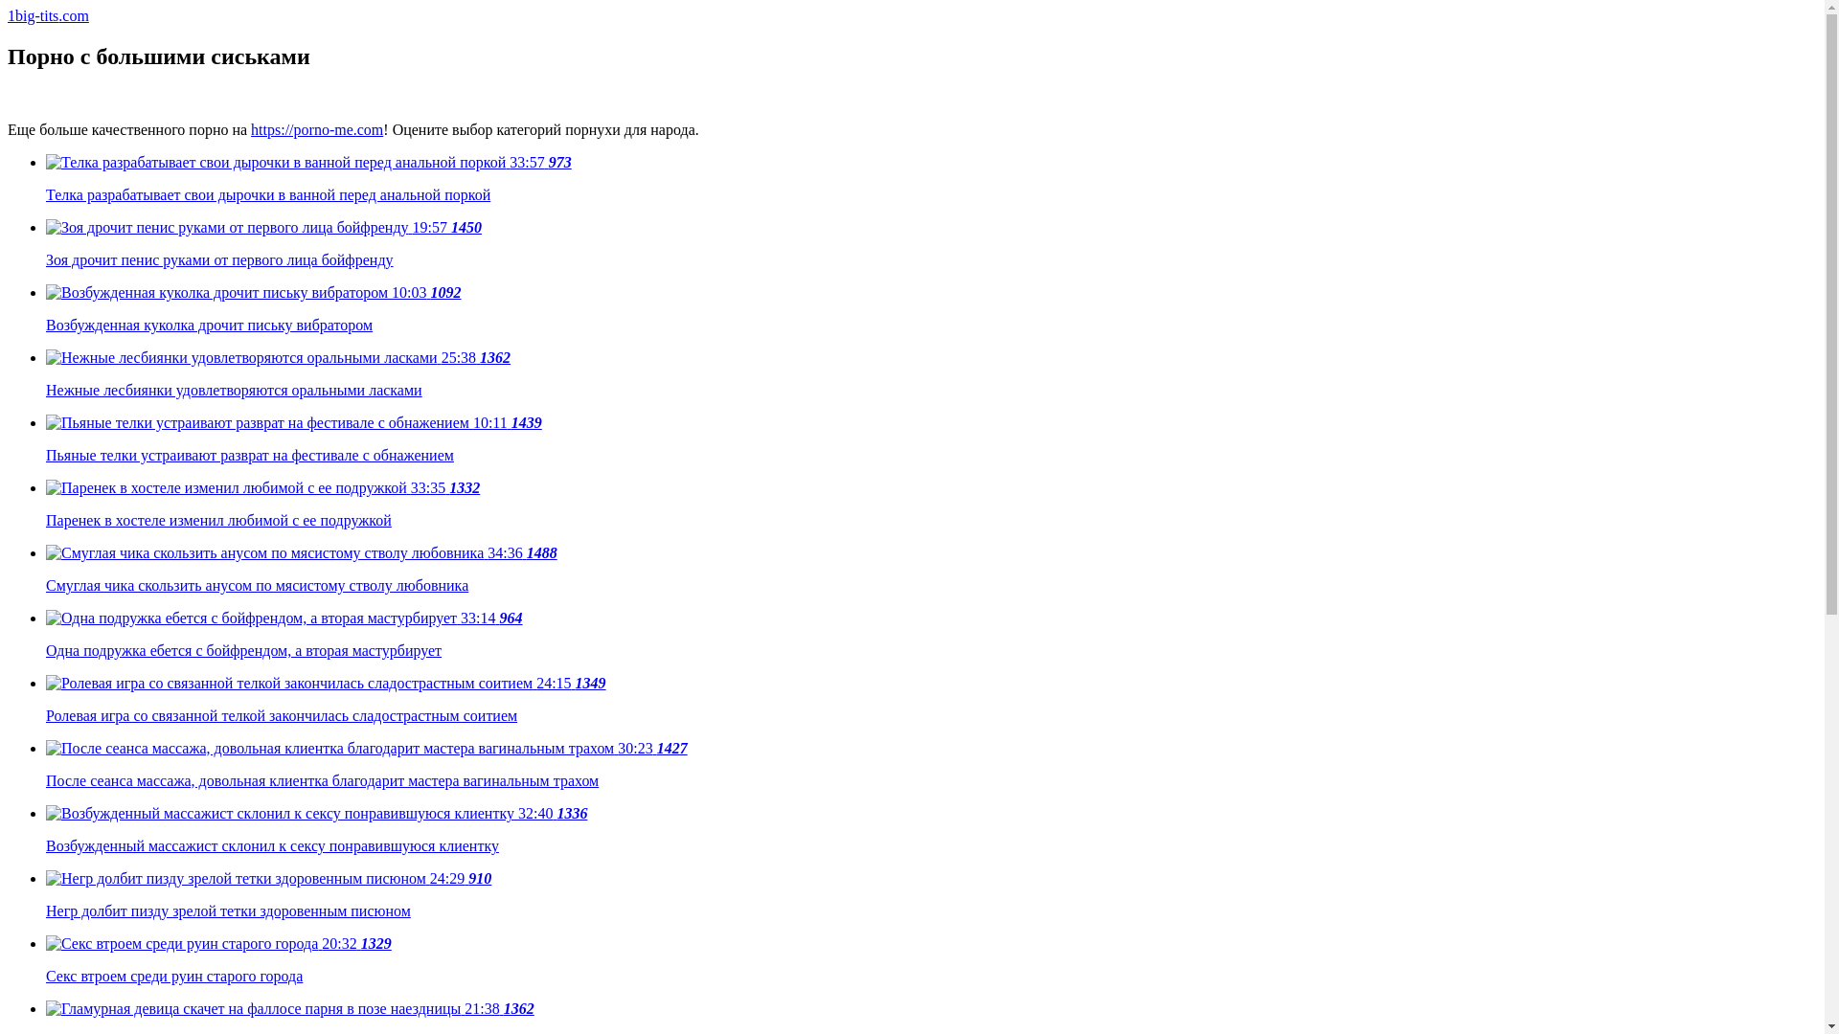  Describe the element at coordinates (48, 15) in the screenshot. I see `'1big-tits.com'` at that location.